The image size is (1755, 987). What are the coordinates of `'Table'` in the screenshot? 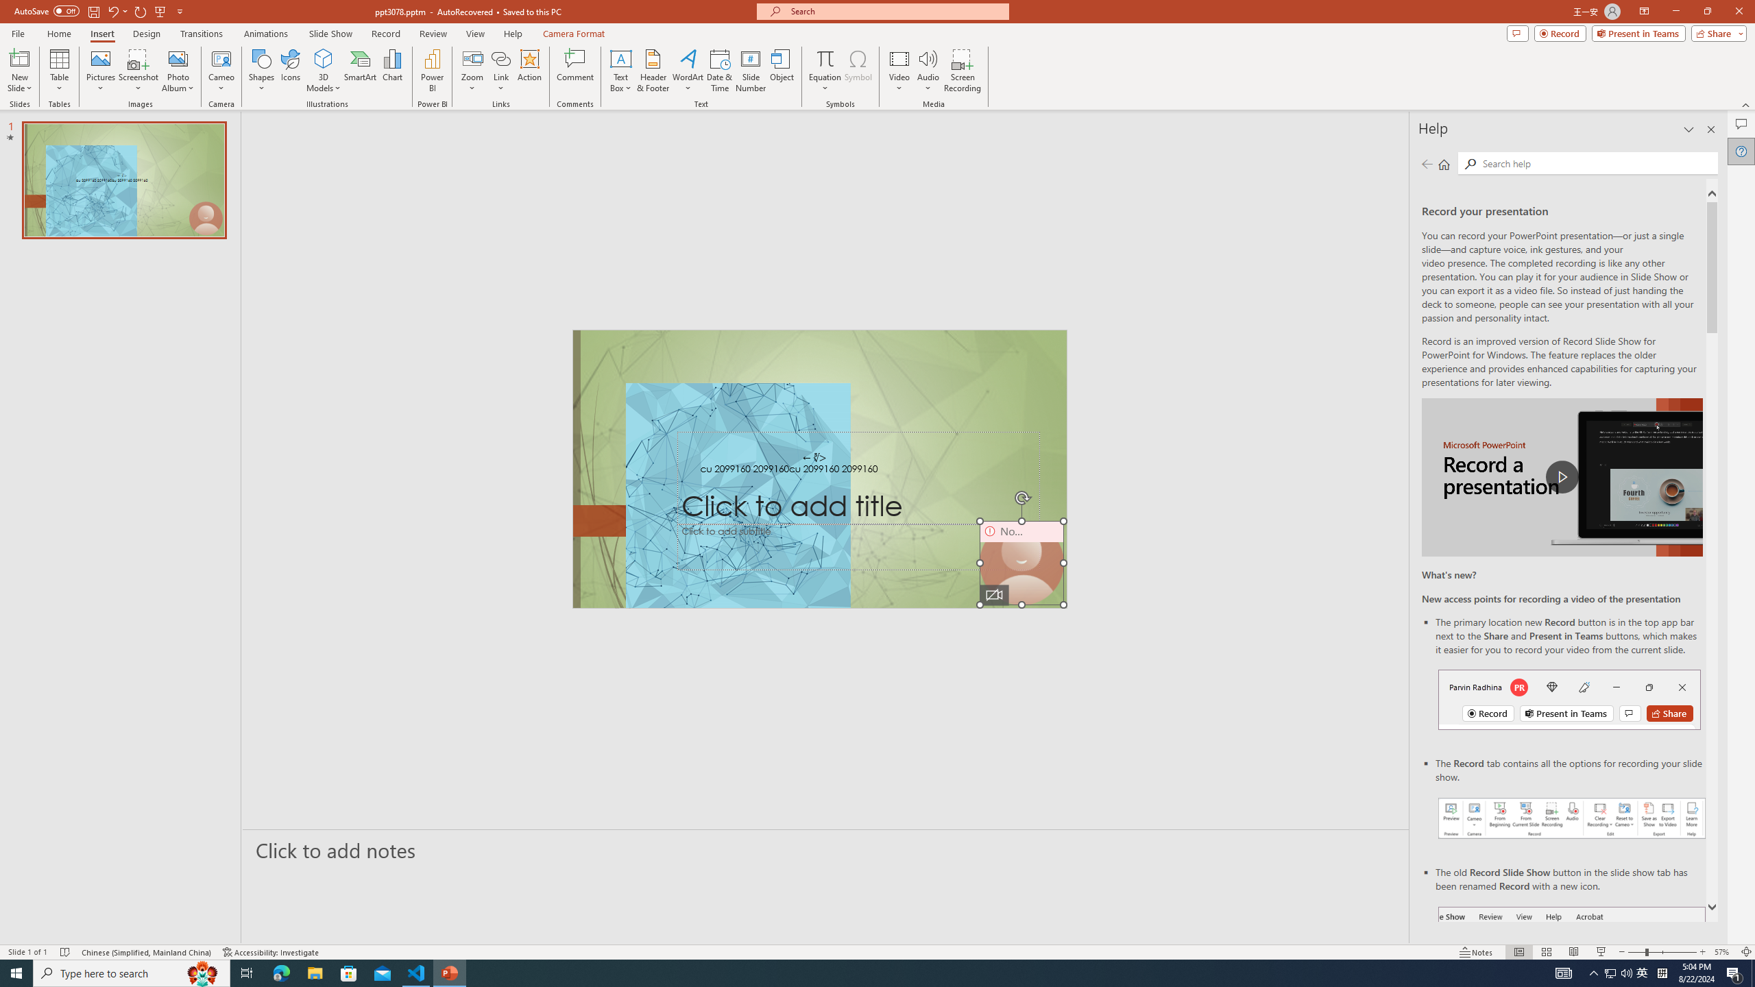 It's located at (59, 71).